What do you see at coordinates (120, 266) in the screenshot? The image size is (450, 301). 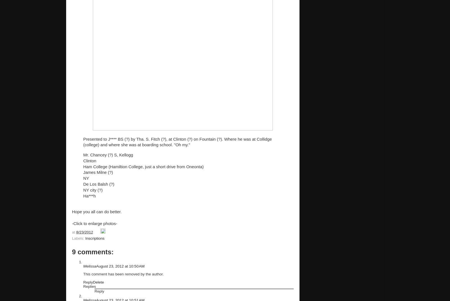 I see `'August 23, 2012 at 10:50 AM'` at bounding box center [120, 266].